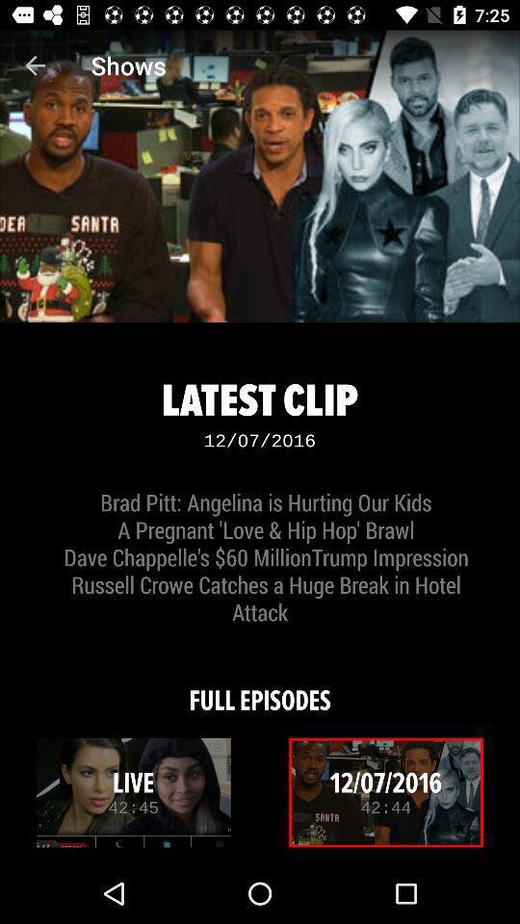  Describe the element at coordinates (35, 65) in the screenshot. I see `the item next to the shows icon` at that location.